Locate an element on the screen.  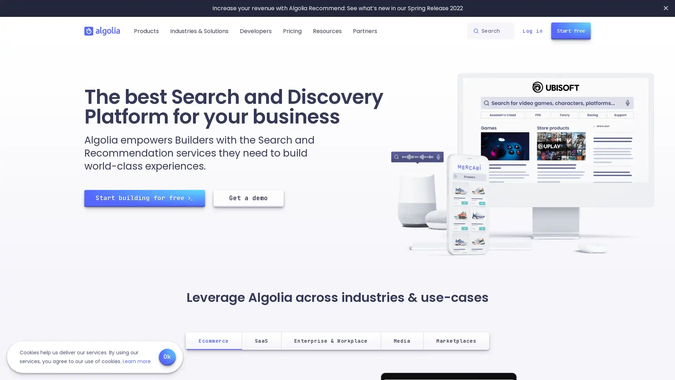
Partners is located at coordinates (365, 31).